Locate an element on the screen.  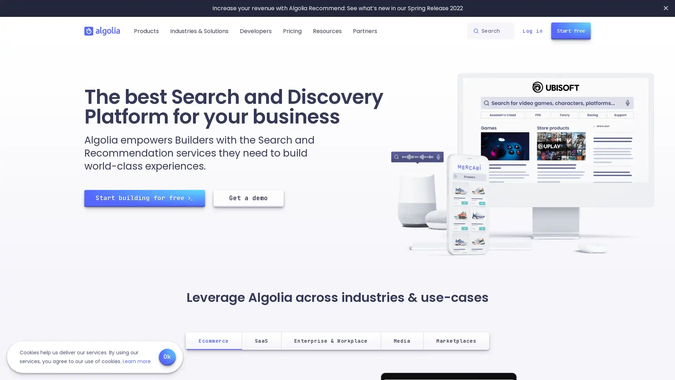
Partners is located at coordinates (365, 31).